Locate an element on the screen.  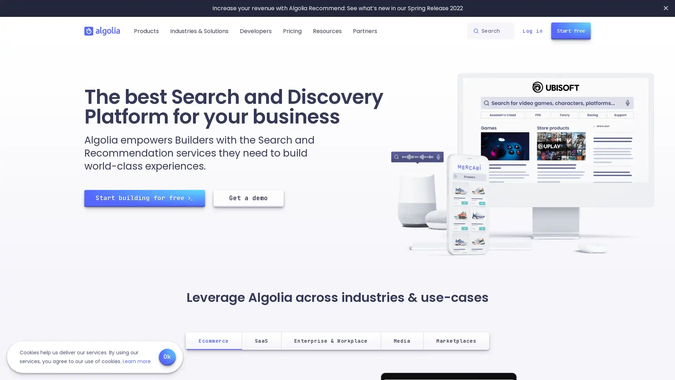
Partners is located at coordinates (365, 31).